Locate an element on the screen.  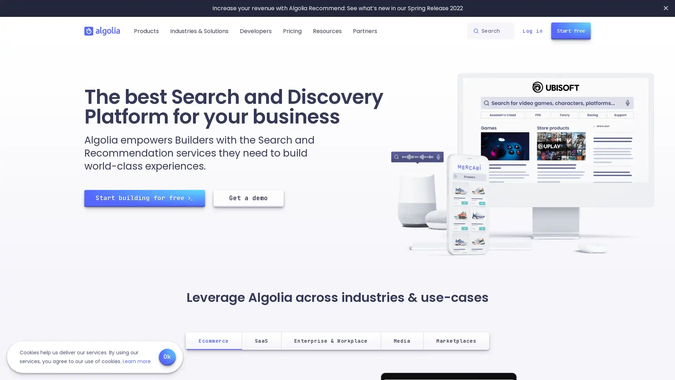
Partners is located at coordinates (365, 31).